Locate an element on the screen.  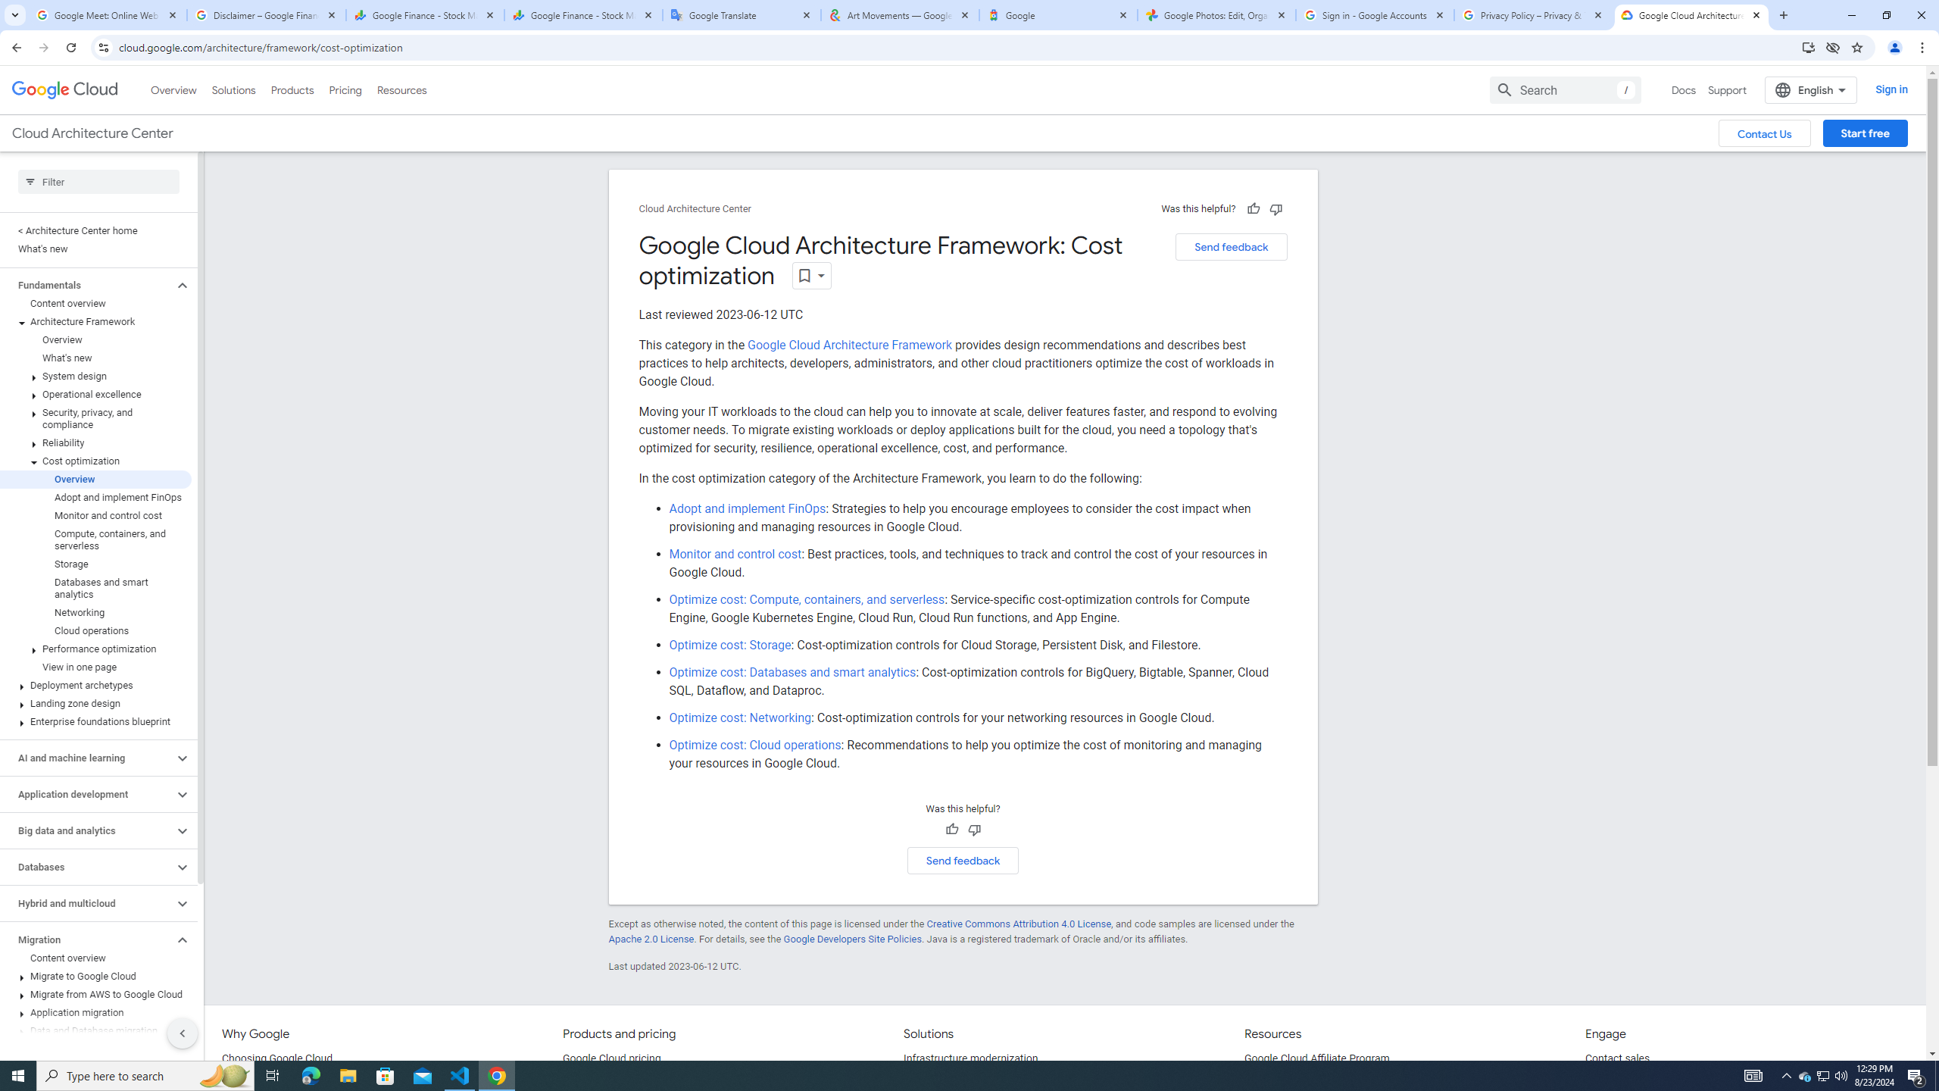
'Optimize cost: Cloud operations' is located at coordinates (754, 745).